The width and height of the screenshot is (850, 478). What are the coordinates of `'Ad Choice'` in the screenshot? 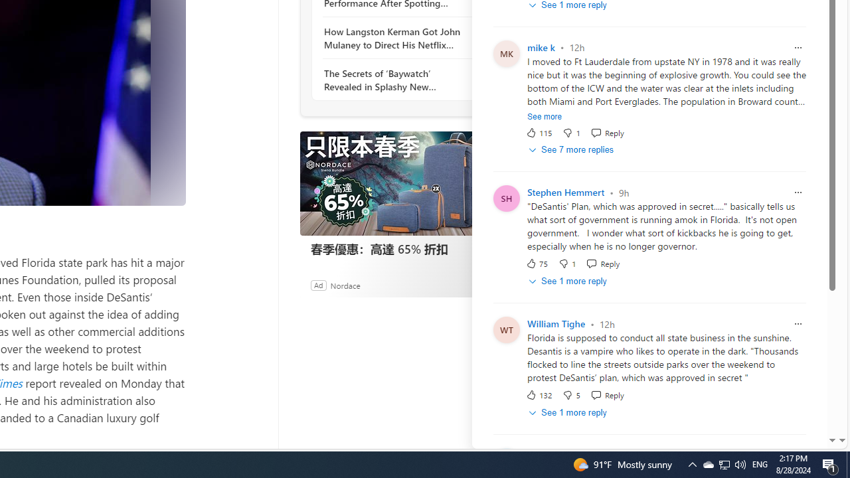 It's located at (483, 284).